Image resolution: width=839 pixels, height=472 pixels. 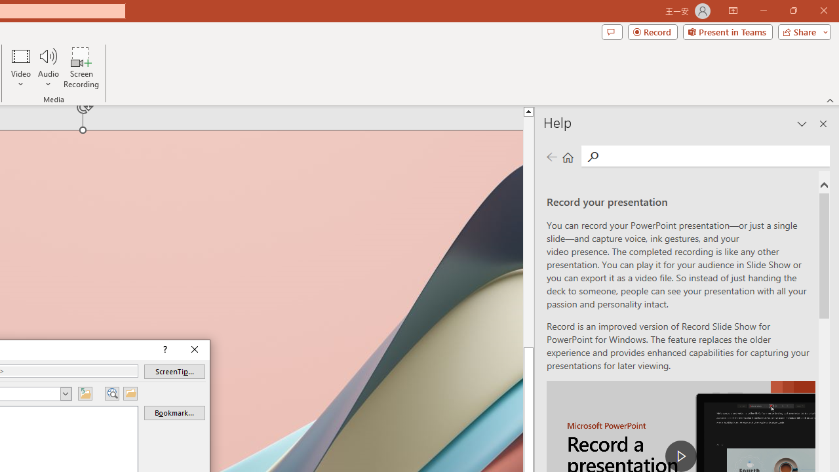 I want to click on 'Bookmark...', so click(x=174, y=413).